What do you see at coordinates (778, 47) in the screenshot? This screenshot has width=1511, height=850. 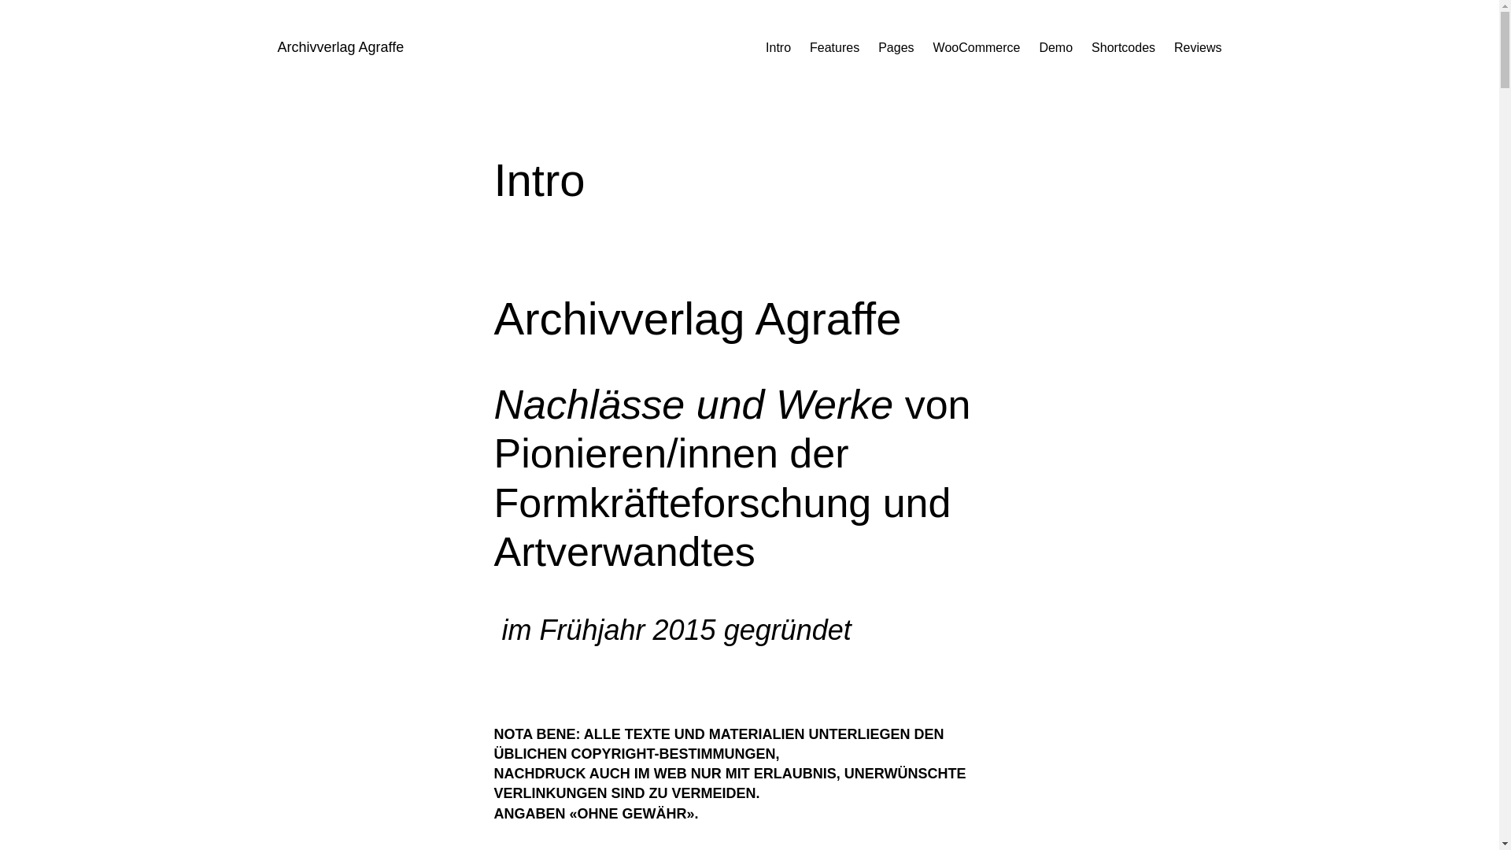 I see `'Intro'` at bounding box center [778, 47].